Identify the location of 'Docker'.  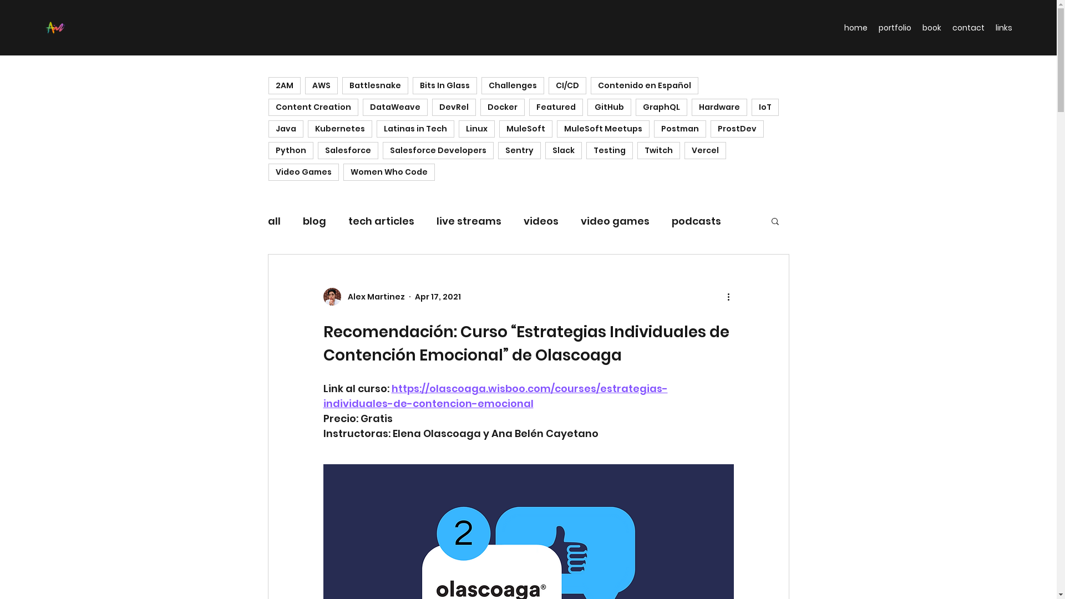
(480, 107).